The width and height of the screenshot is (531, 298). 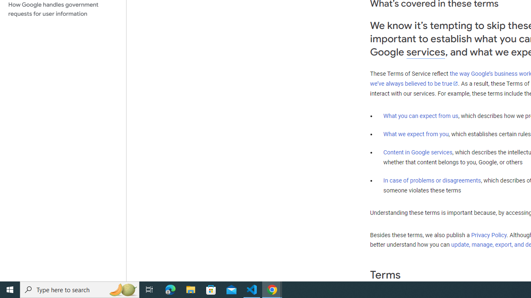 What do you see at coordinates (431, 180) in the screenshot?
I see `'In case of problems or disagreements'` at bounding box center [431, 180].